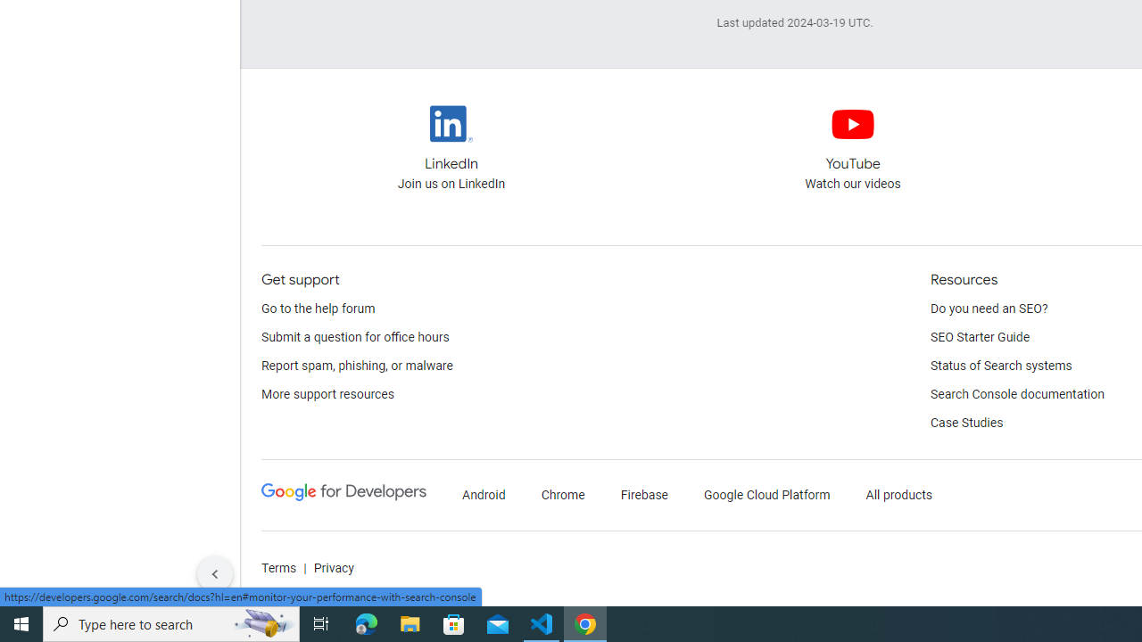 The image size is (1142, 642). What do you see at coordinates (214, 574) in the screenshot?
I see `'Hide side navigation'` at bounding box center [214, 574].